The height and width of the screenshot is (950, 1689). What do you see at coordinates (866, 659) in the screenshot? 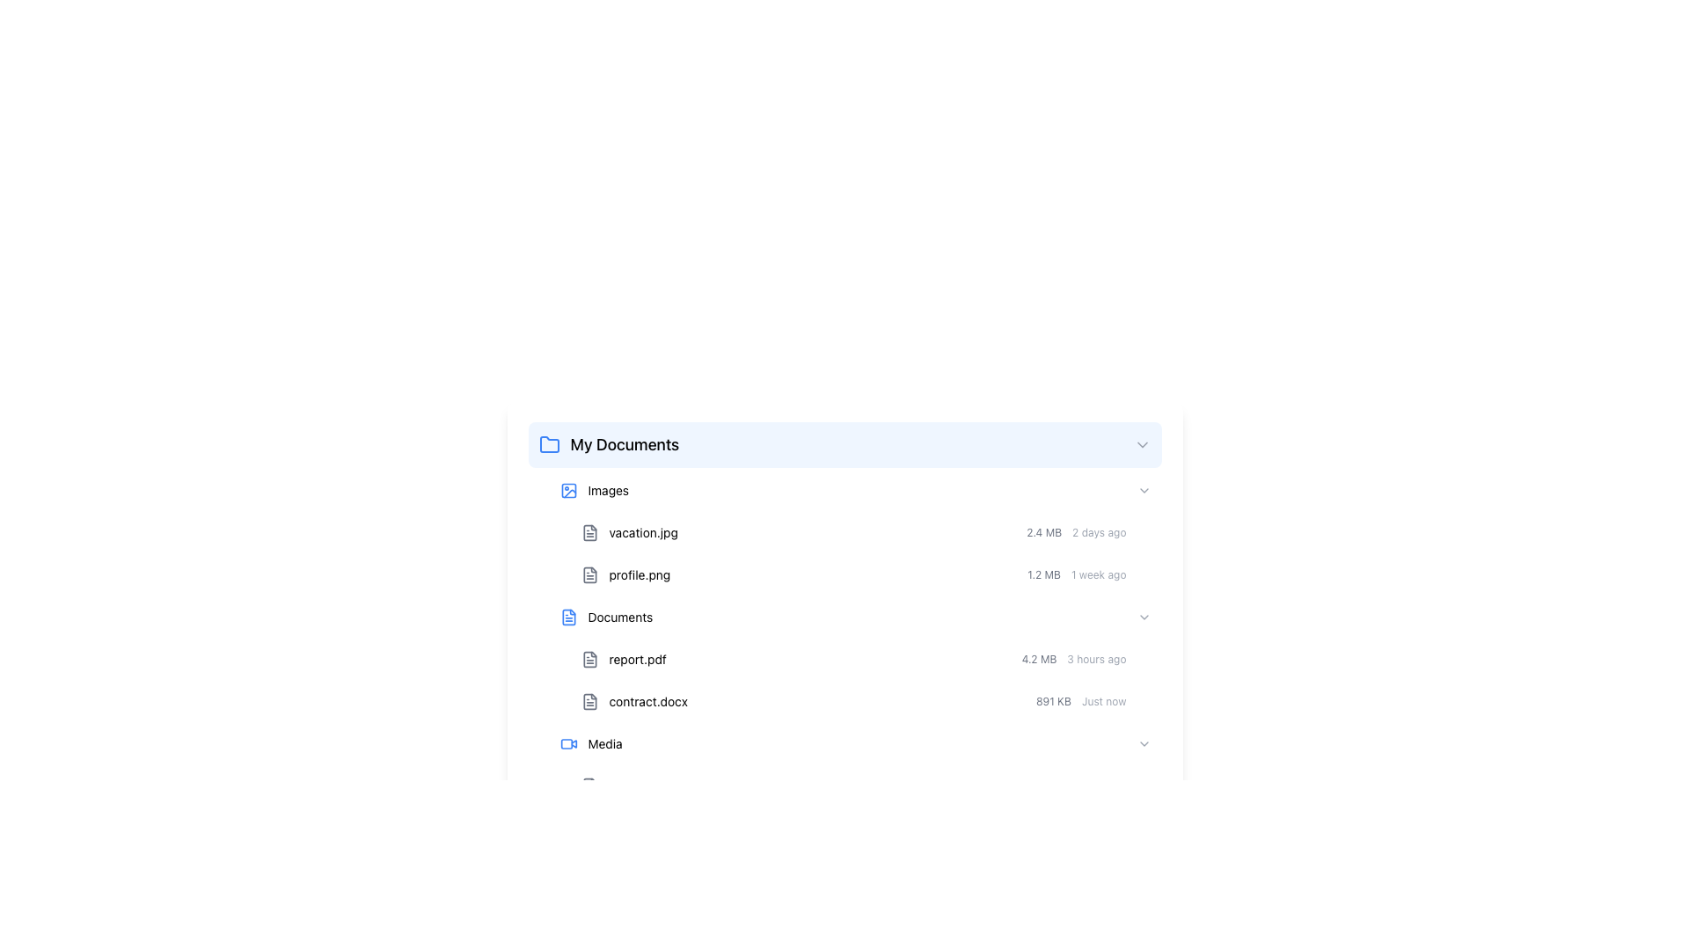
I see `the first file list item` at bounding box center [866, 659].